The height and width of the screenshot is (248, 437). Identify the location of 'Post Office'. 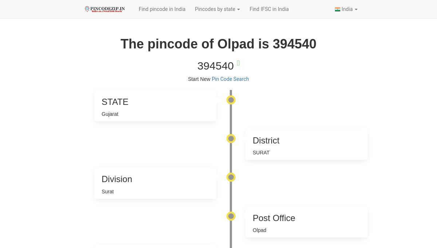
(252, 217).